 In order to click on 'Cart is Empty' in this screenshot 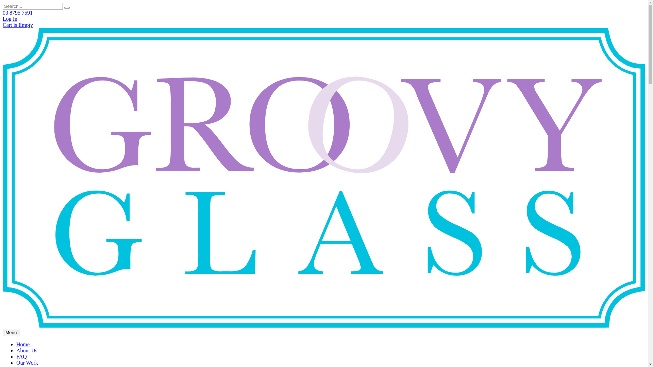, I will do `click(18, 24)`.